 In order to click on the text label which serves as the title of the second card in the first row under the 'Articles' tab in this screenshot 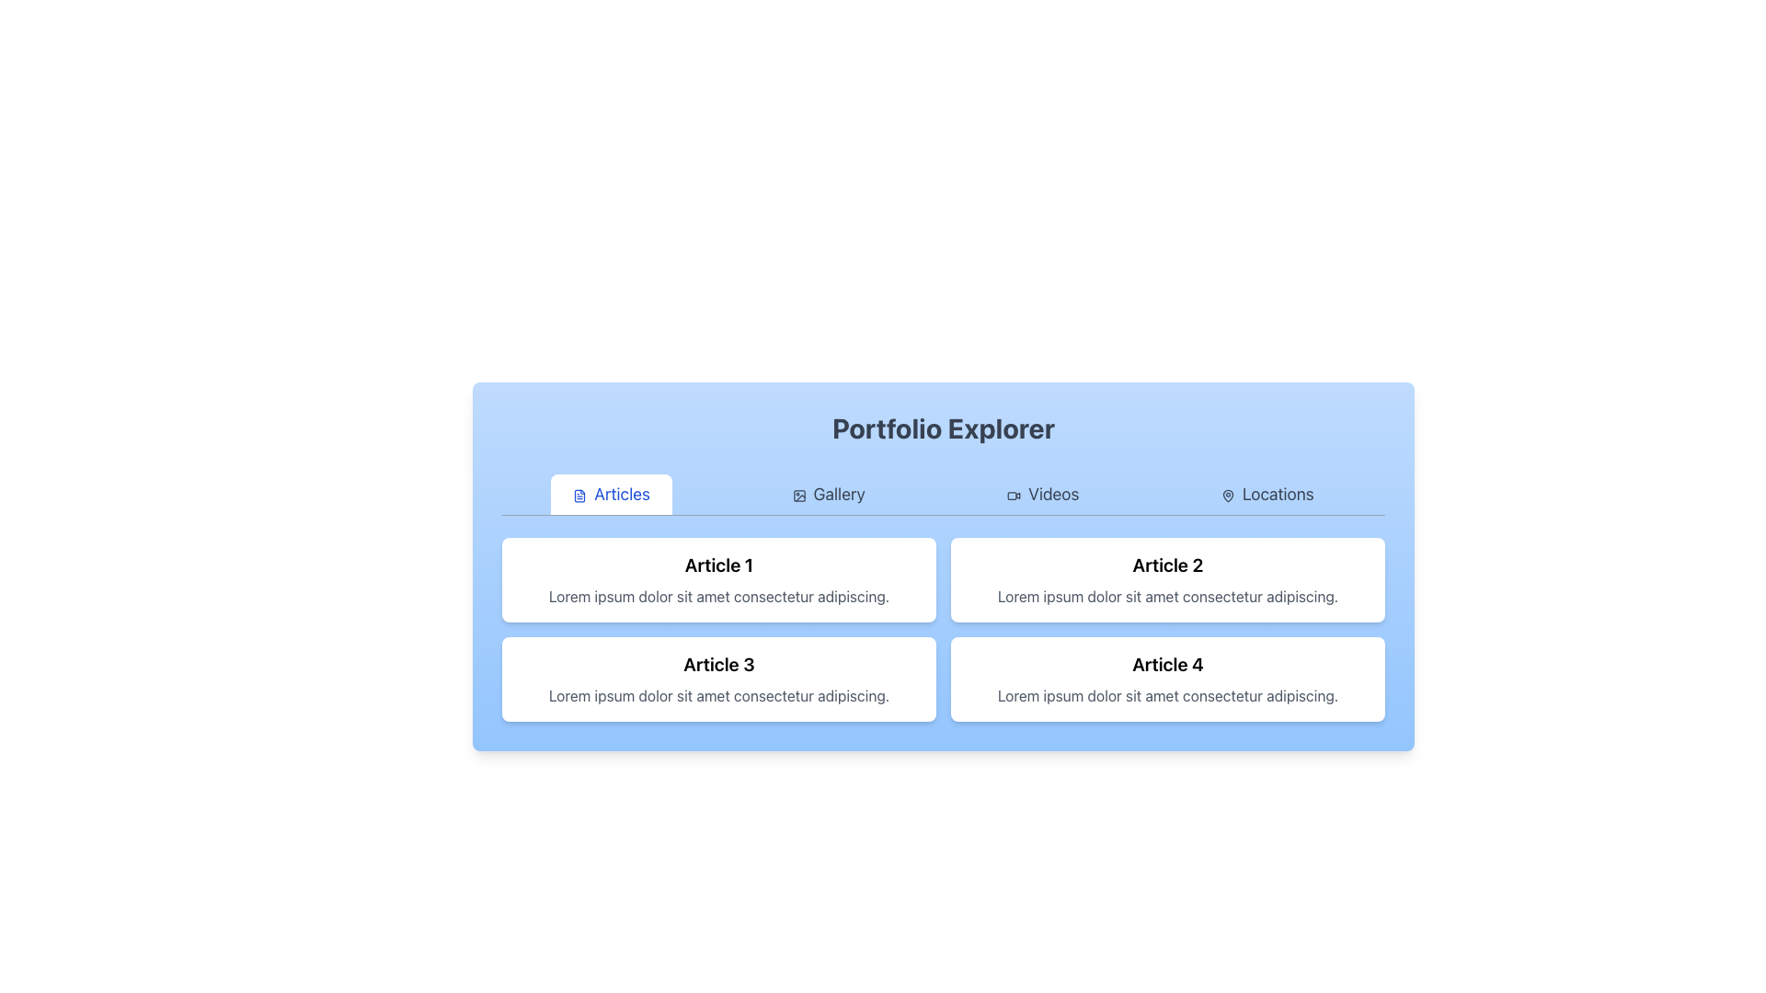, I will do `click(1167, 564)`.